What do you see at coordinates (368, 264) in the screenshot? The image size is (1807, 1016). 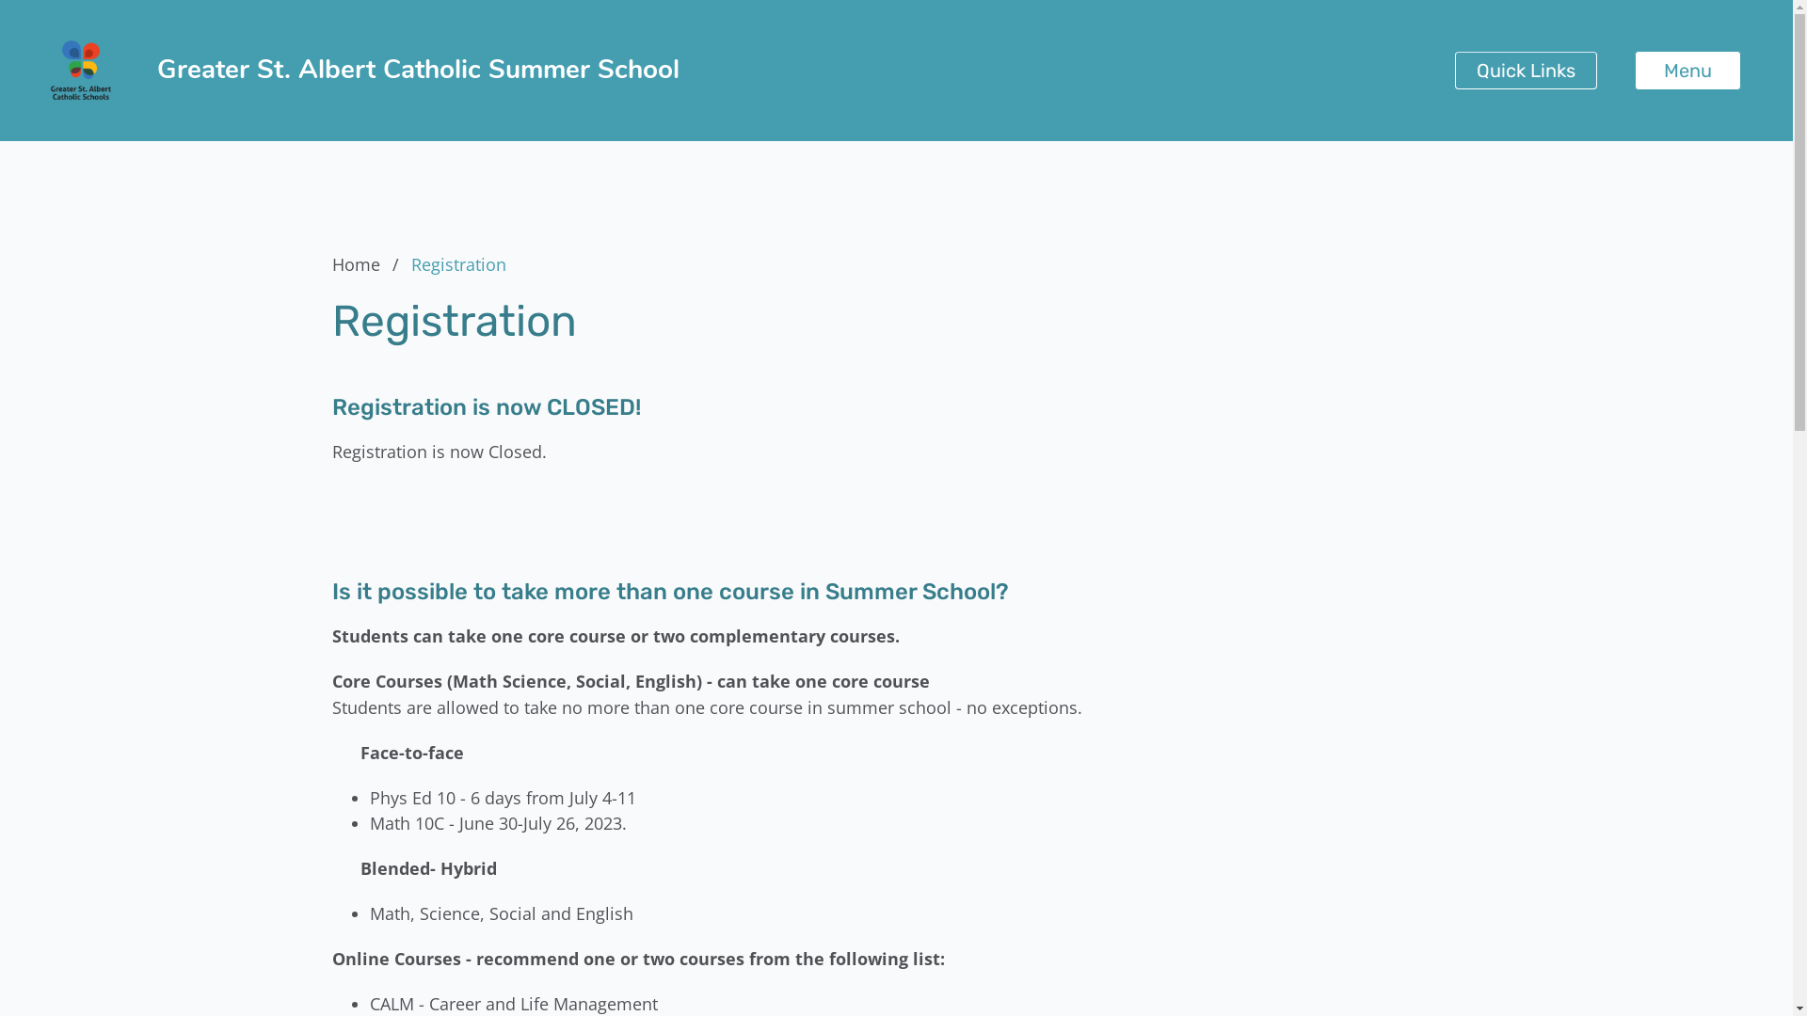 I see `'Home'` at bounding box center [368, 264].